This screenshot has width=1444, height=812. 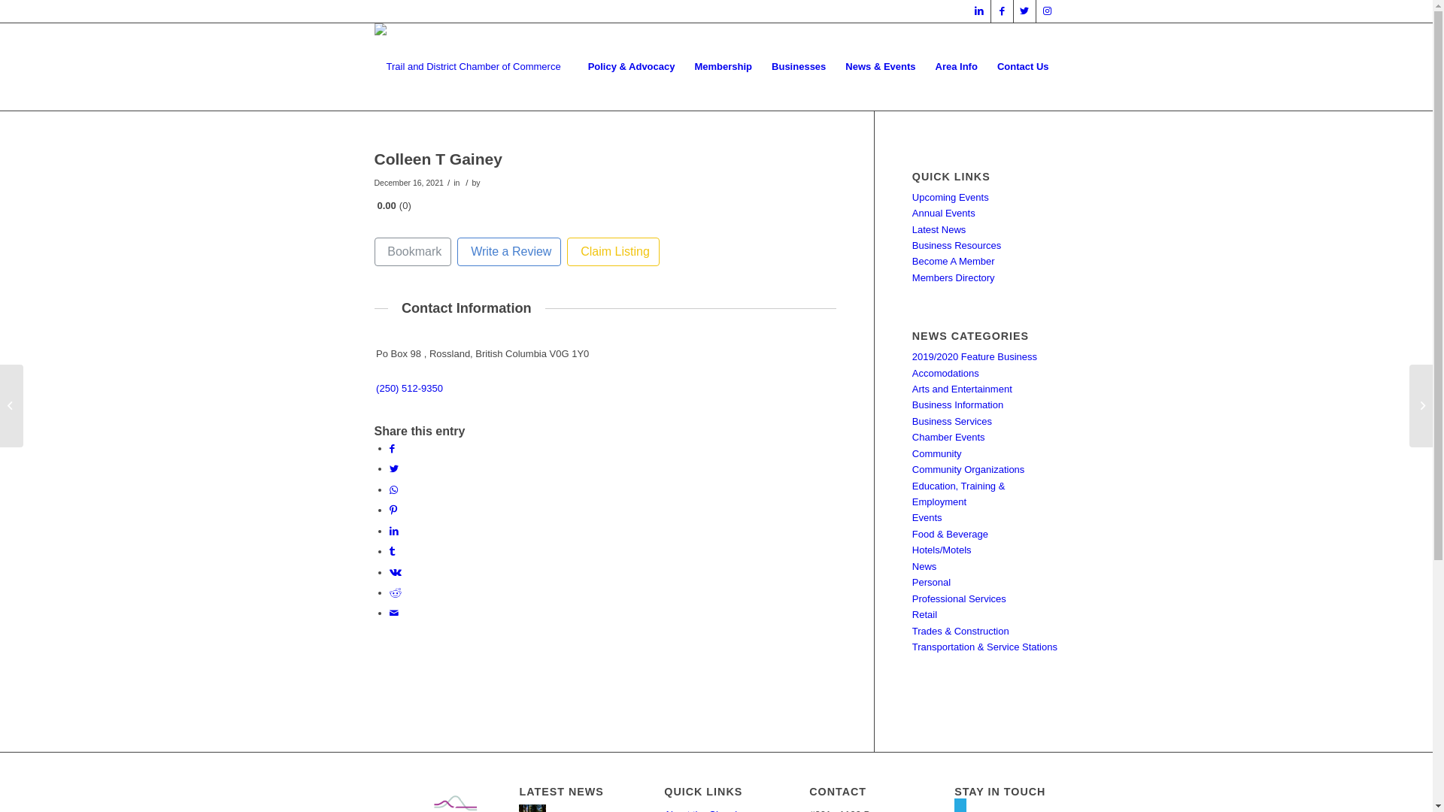 What do you see at coordinates (960, 631) in the screenshot?
I see `'Trades & Construction'` at bounding box center [960, 631].